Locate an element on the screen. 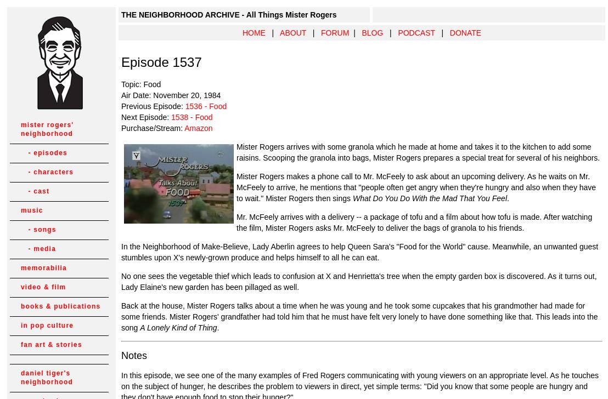 The width and height of the screenshot is (608, 399). 'PODCAST' is located at coordinates (416, 32).